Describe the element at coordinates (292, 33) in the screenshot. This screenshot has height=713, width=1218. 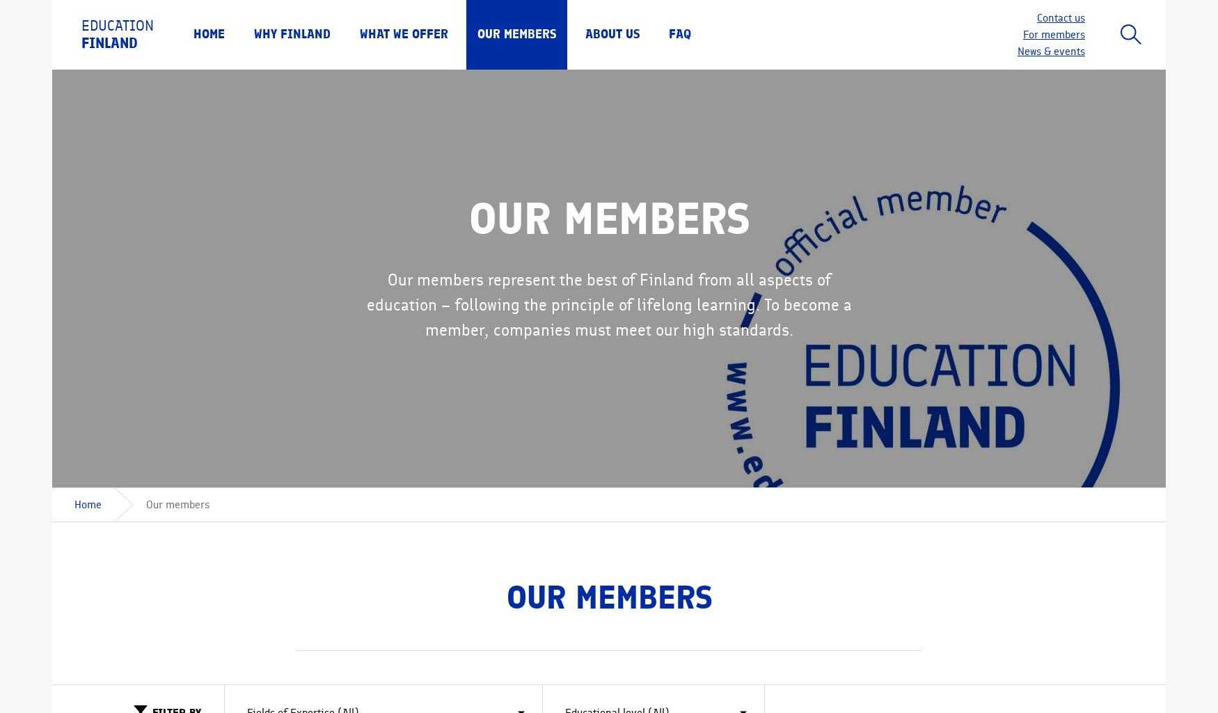
I see `'Why Finland'` at that location.